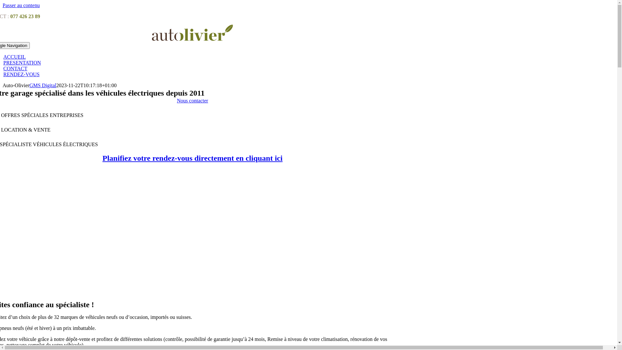  I want to click on 'PRESENTATION', so click(22, 63).